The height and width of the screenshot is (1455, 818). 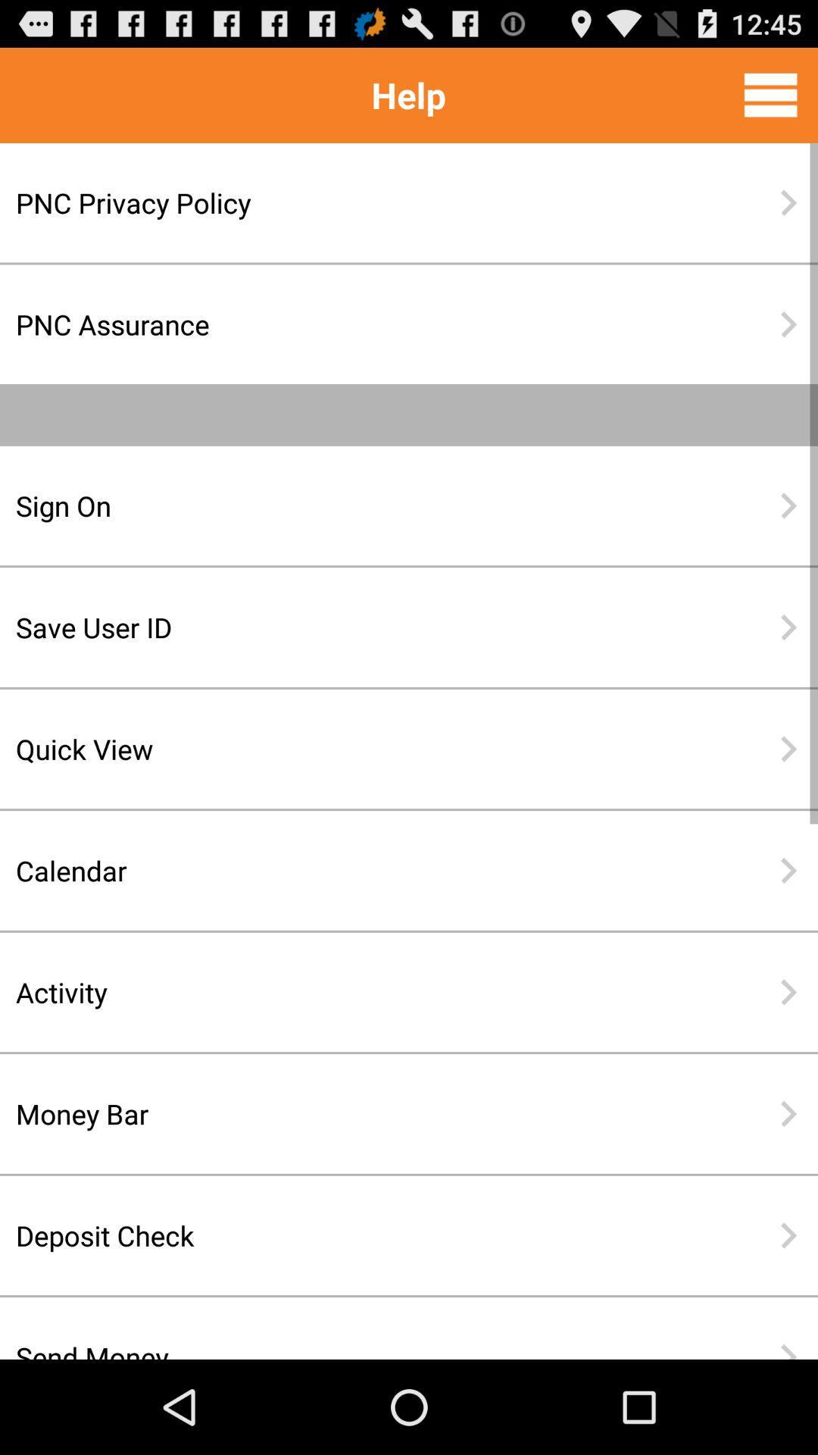 What do you see at coordinates (360, 505) in the screenshot?
I see `item above the save user id item` at bounding box center [360, 505].